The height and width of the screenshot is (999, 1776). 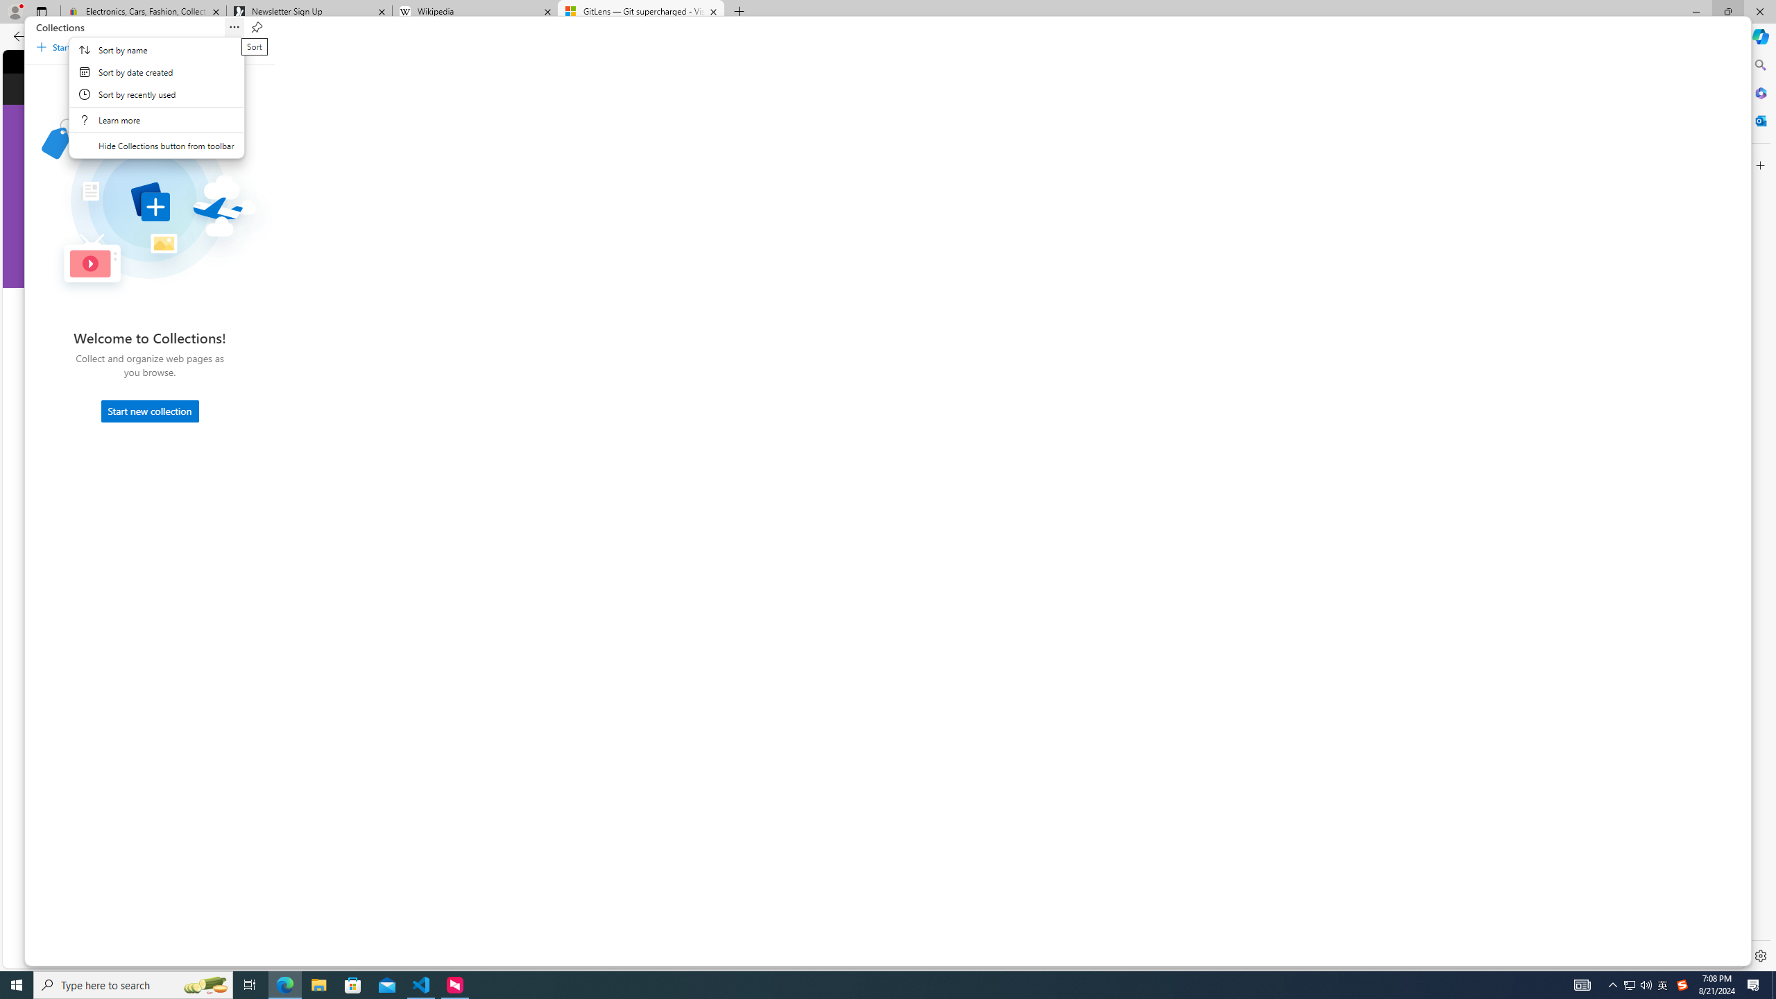 What do you see at coordinates (150, 410) in the screenshot?
I see `'Start new collection'` at bounding box center [150, 410].